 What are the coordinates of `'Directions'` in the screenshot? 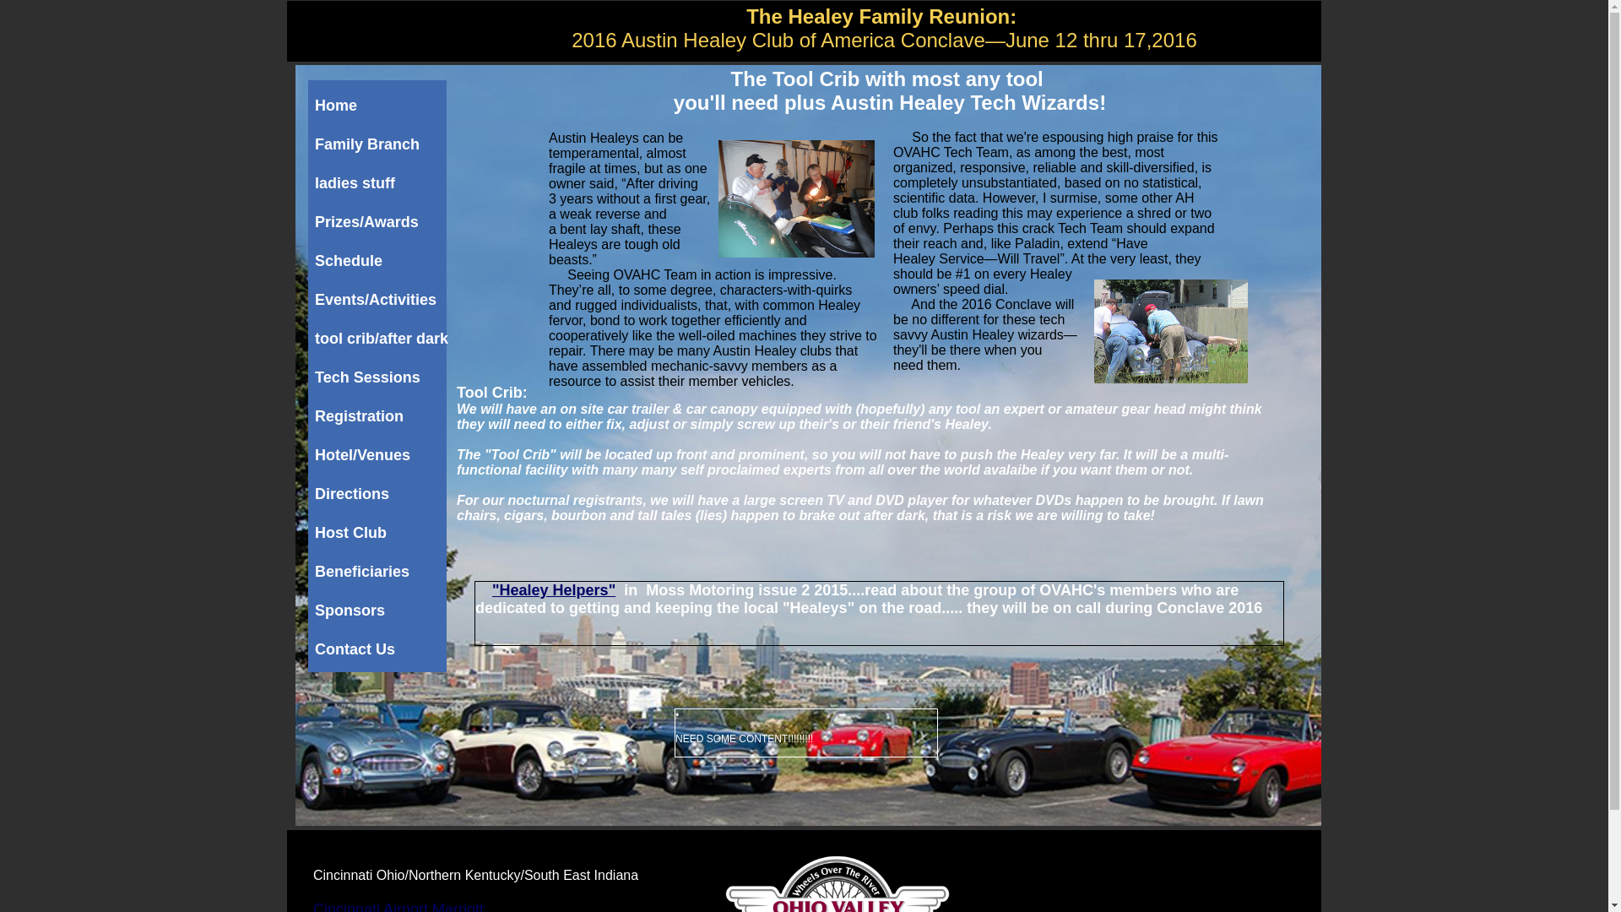 It's located at (380, 494).